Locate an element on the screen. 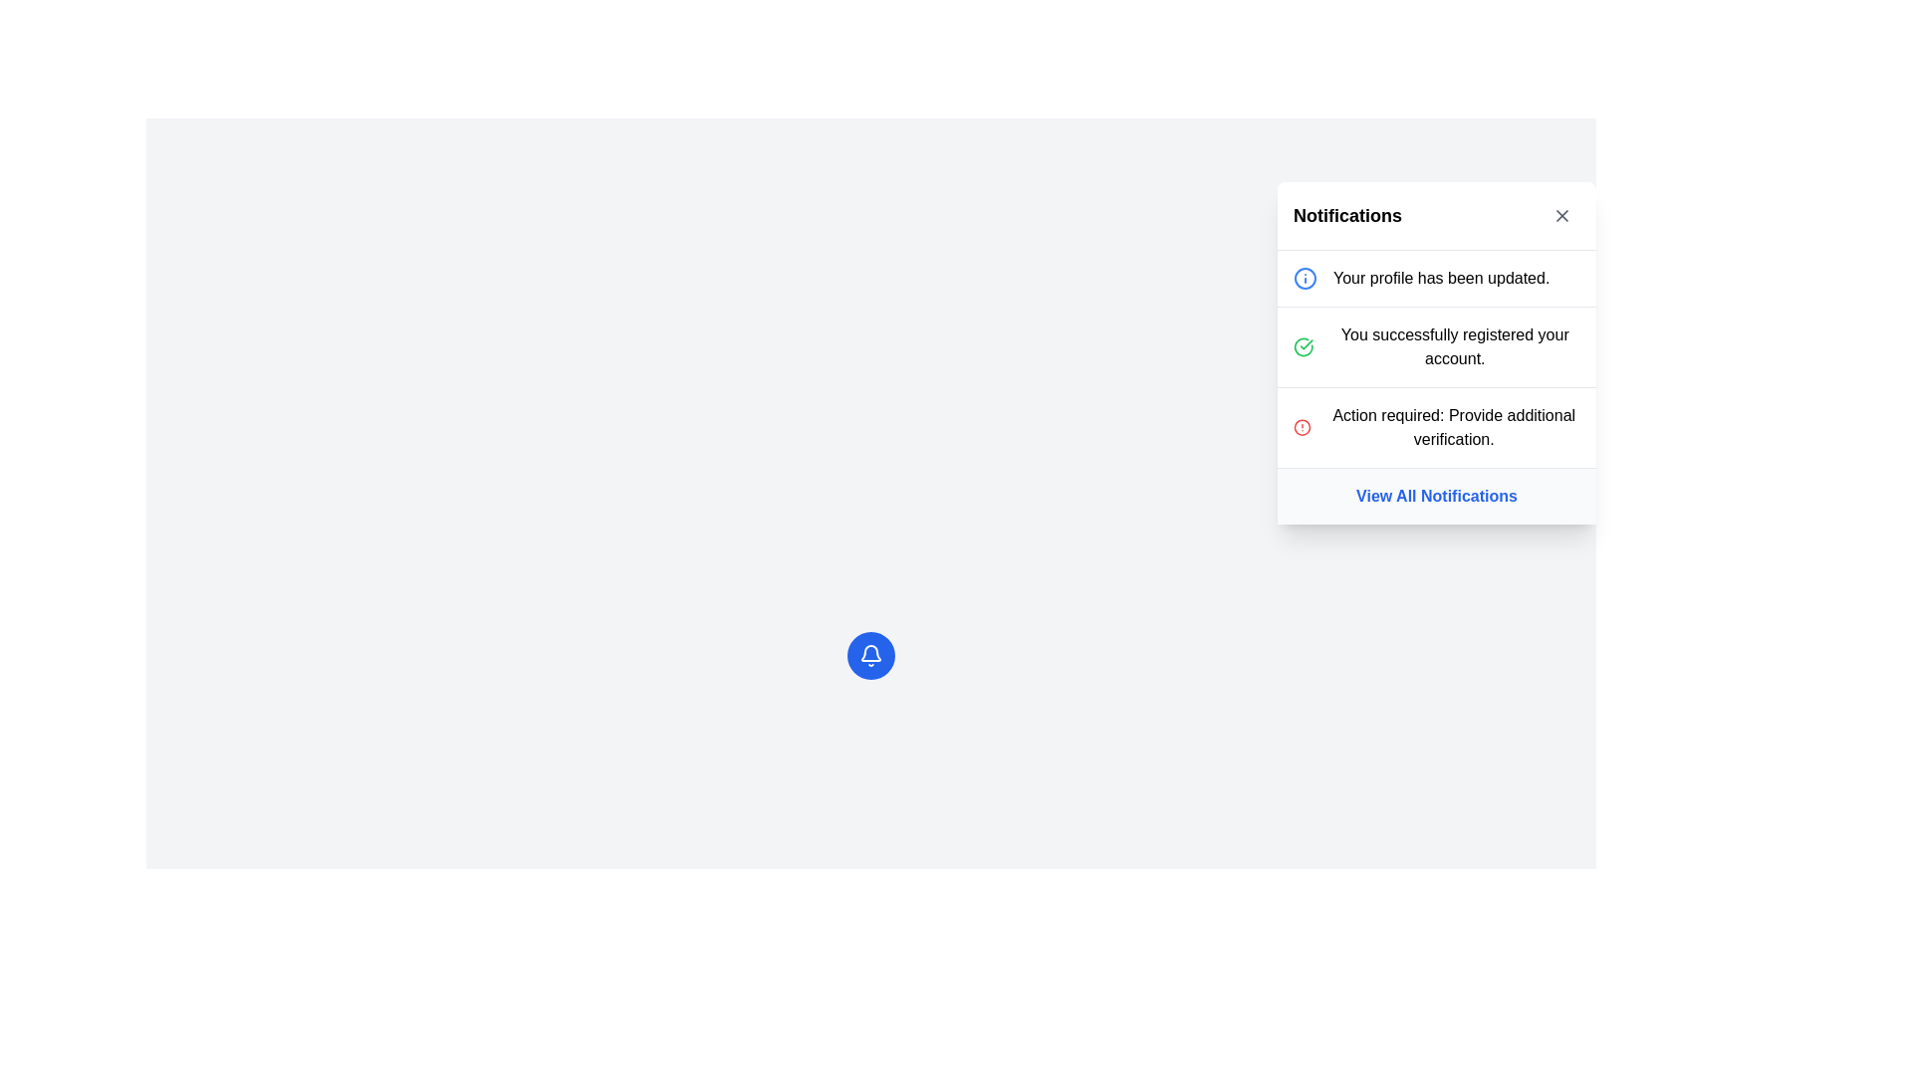 The height and width of the screenshot is (1075, 1912). the red circular SVG graphic indicating an alert or warning message, which is centered within its notification icon on the right-hand notification panel is located at coordinates (1303, 426).